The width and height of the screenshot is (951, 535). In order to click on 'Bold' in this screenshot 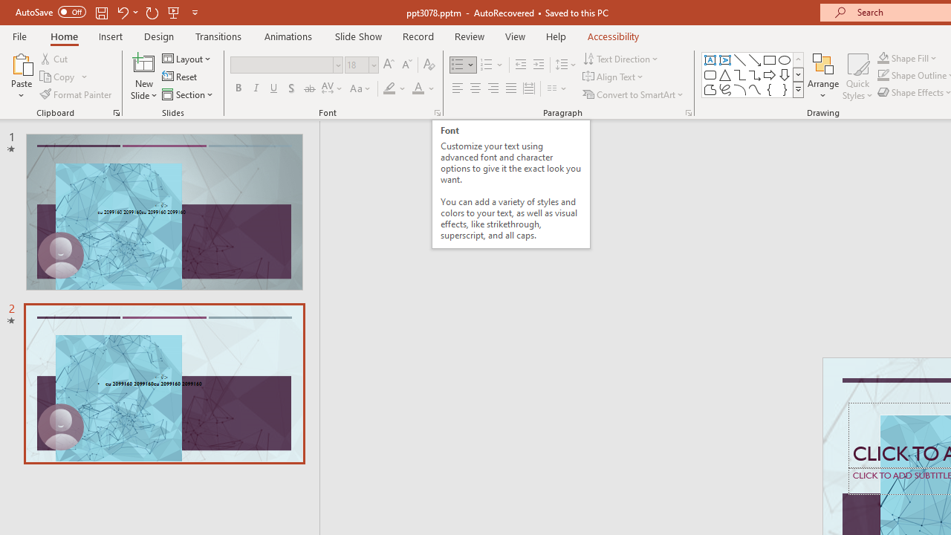, I will do `click(238, 88)`.